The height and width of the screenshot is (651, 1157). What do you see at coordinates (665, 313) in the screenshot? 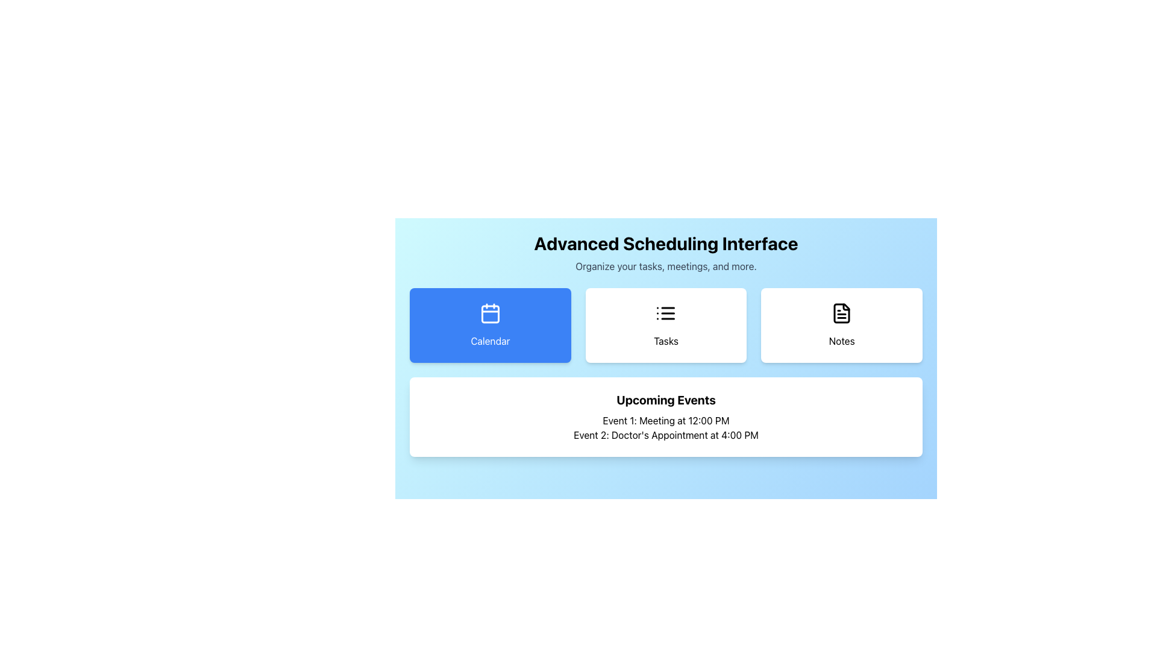
I see `the 'Tasks' icon located in the center of the card above the title 'Tasks'` at bounding box center [665, 313].